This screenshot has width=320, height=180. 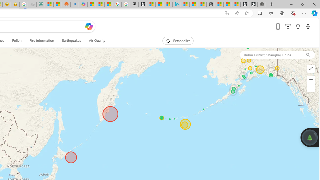 What do you see at coordinates (270, 13) in the screenshot?
I see `'Favorites'` at bounding box center [270, 13].